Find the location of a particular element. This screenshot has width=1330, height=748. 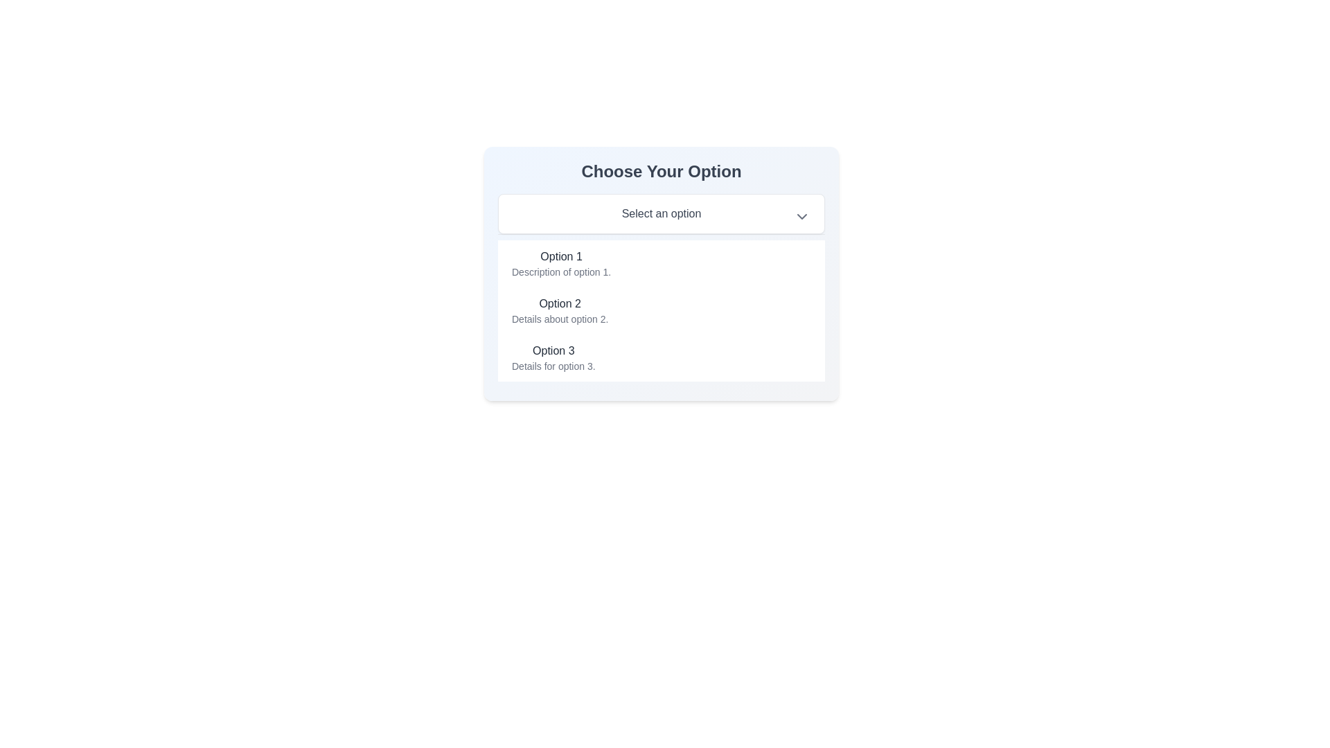

details of the second item in the selectable menu under the label 'Choose Your Option' which provides insights about the choice is located at coordinates (560, 310).